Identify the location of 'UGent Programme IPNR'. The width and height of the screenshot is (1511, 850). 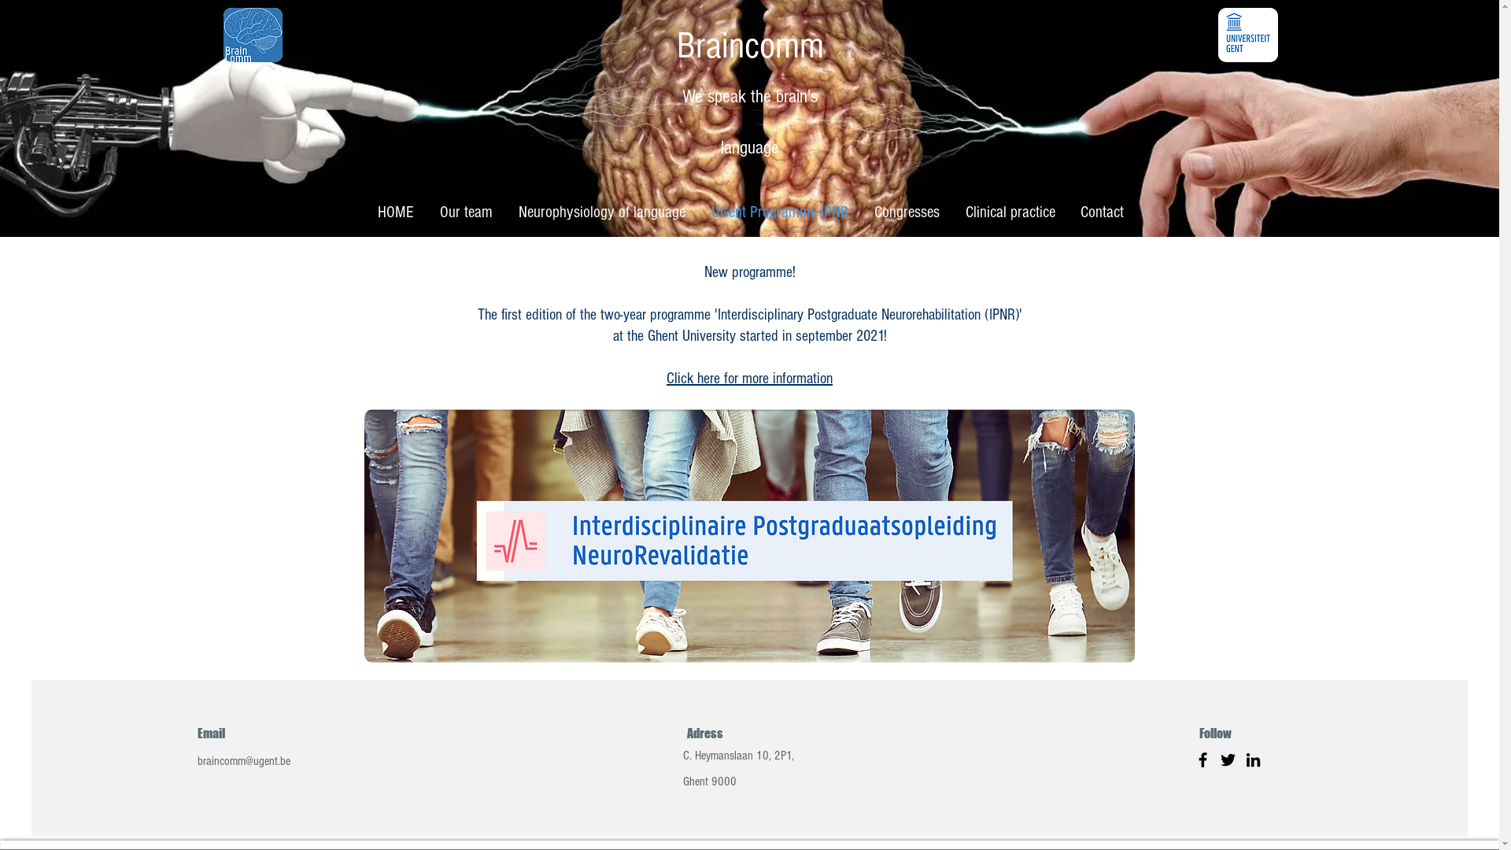
(779, 213).